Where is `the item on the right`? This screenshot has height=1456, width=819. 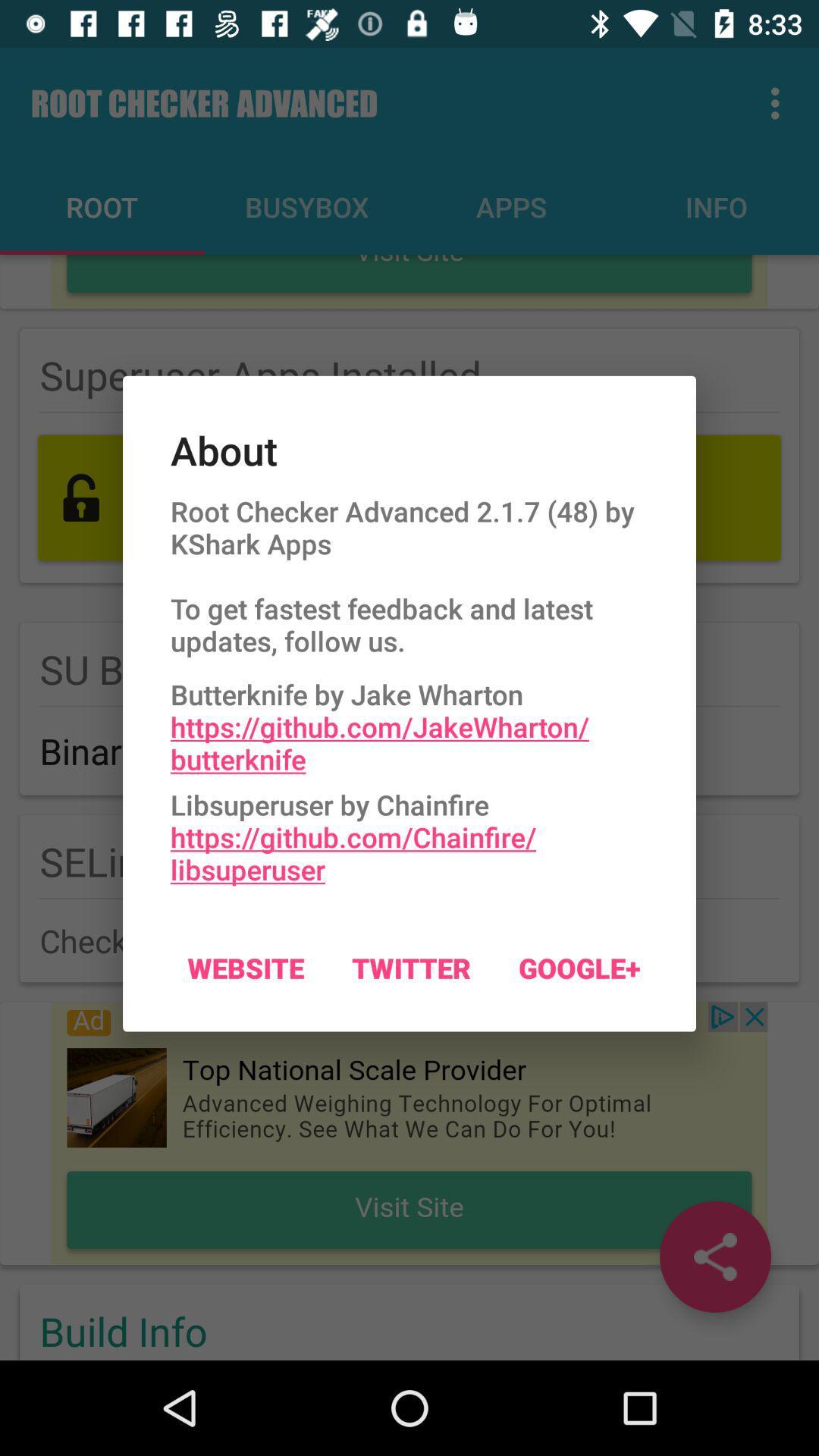 the item on the right is located at coordinates (579, 967).